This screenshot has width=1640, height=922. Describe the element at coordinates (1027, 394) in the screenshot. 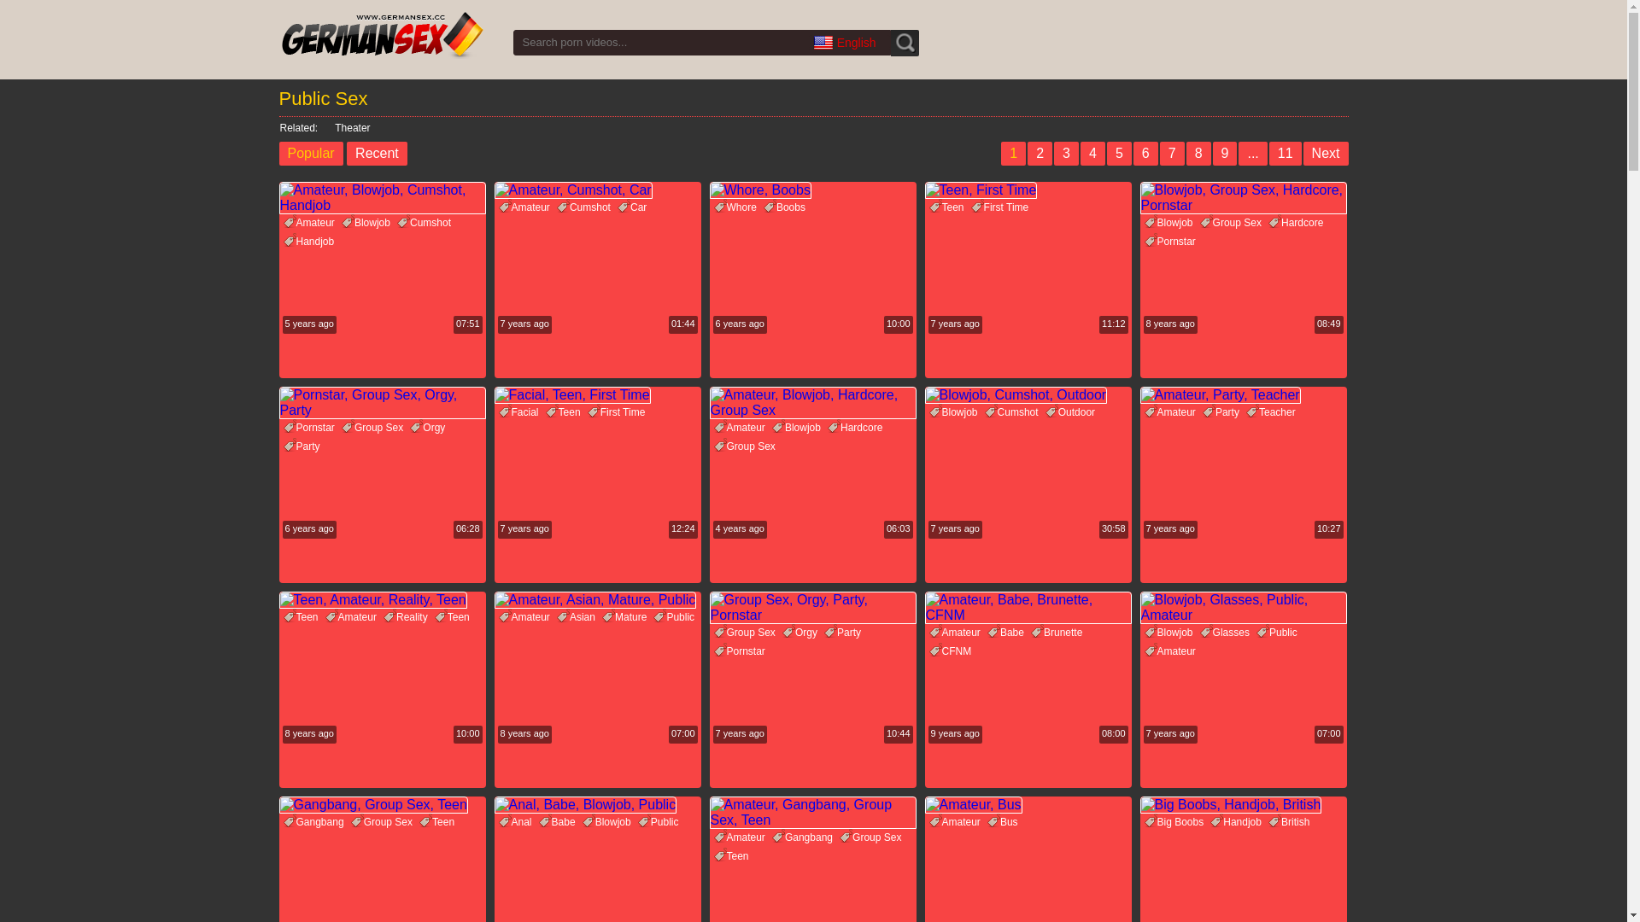

I see `'Blowjob, Cumshot, Outdoor'` at that location.